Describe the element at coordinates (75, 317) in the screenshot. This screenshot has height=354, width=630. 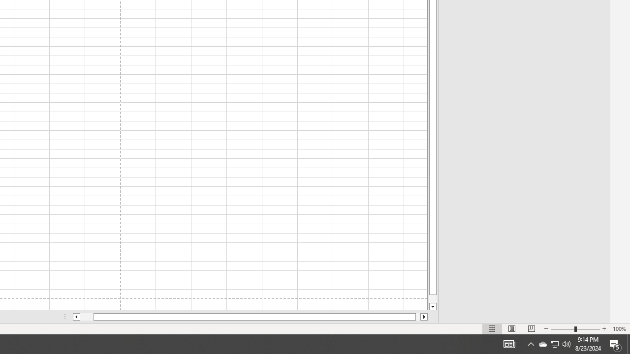
I see `'Column left'` at that location.